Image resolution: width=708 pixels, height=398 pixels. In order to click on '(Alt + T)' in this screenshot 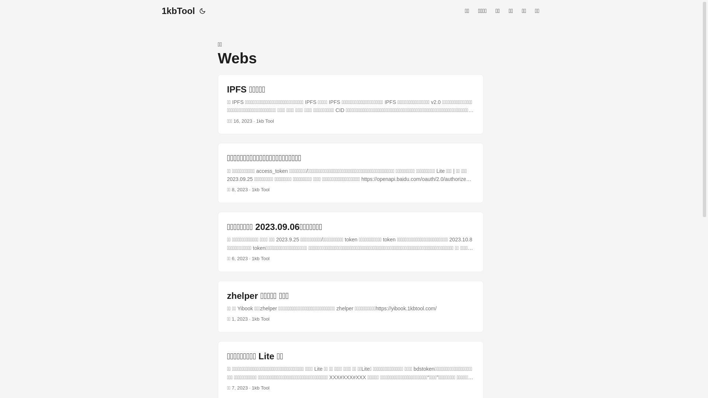, I will do `click(202, 11)`.